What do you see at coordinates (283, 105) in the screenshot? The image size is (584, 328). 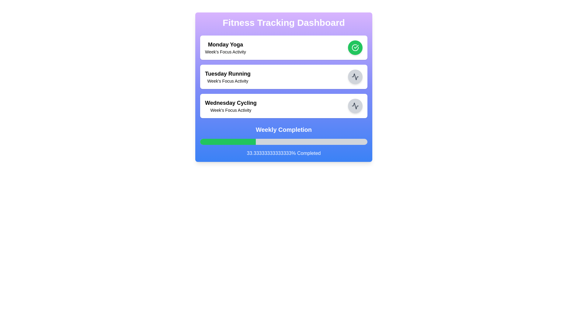 I see `the third card in the fitness tracking dashboard, which displays an activity name and a description, located between 'Tuesday Running' and 'Weekly Completion'` at bounding box center [283, 105].